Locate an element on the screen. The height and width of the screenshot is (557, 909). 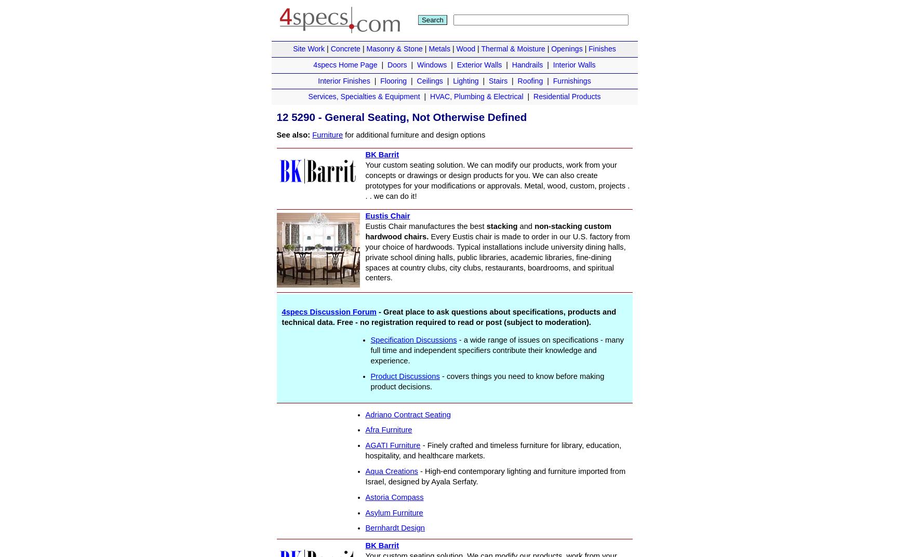
'and' is located at coordinates (517, 226).